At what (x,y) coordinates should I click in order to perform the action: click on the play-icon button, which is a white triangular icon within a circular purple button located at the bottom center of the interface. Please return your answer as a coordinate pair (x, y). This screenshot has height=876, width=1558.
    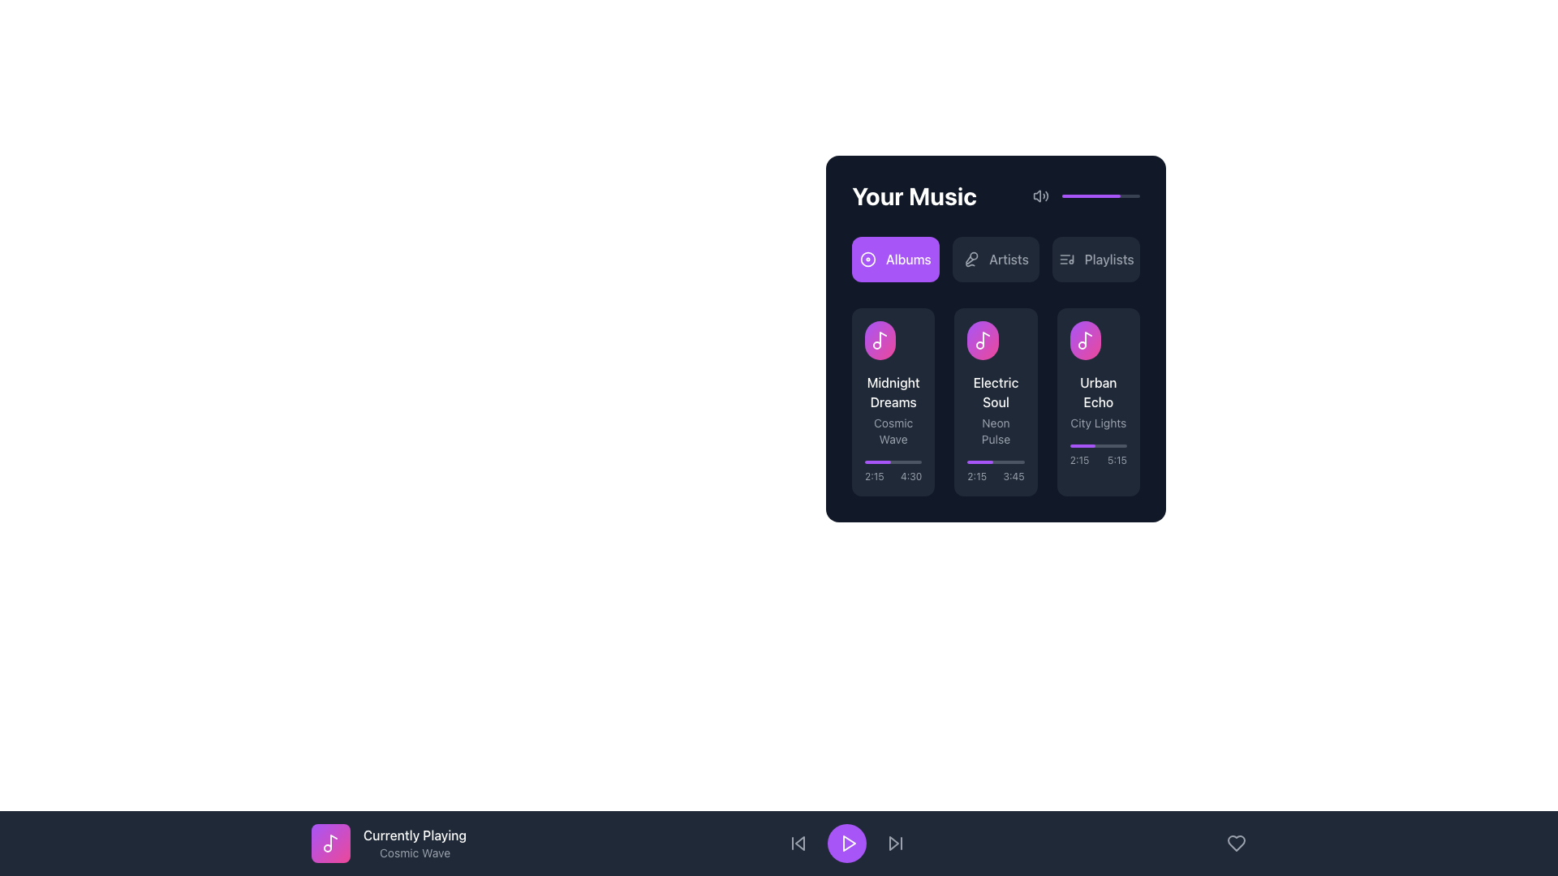
    Looking at the image, I should click on (847, 843).